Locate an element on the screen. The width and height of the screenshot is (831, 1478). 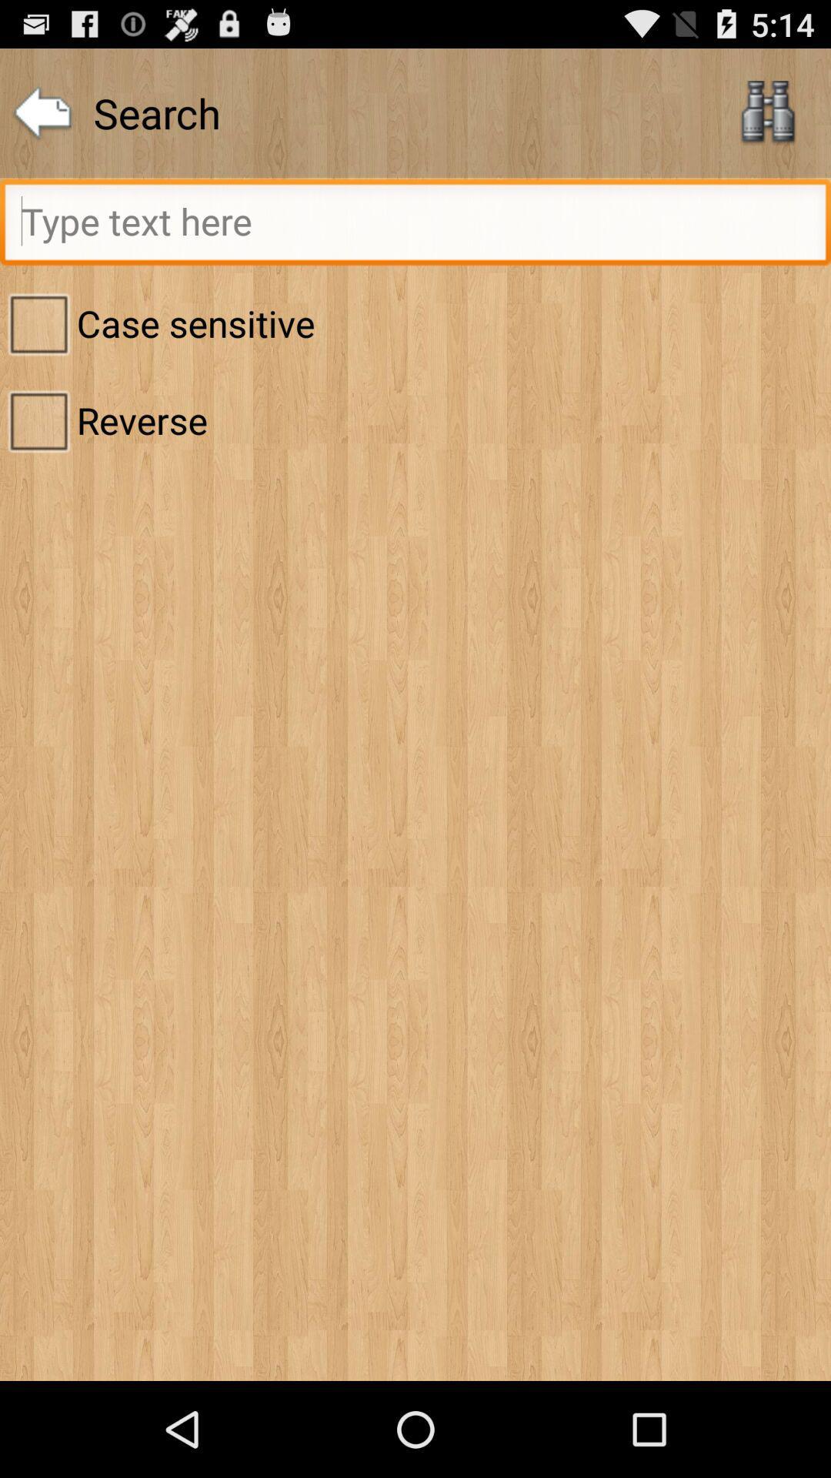
the arrow_backward icon is located at coordinates (42, 120).